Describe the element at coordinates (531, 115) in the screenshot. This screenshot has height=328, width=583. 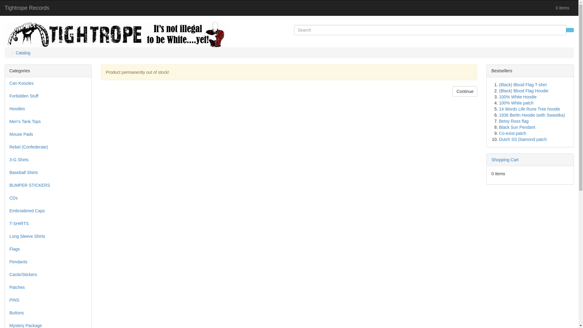
I see `'1936 Berlin Hoodie (with Swastika)'` at that location.